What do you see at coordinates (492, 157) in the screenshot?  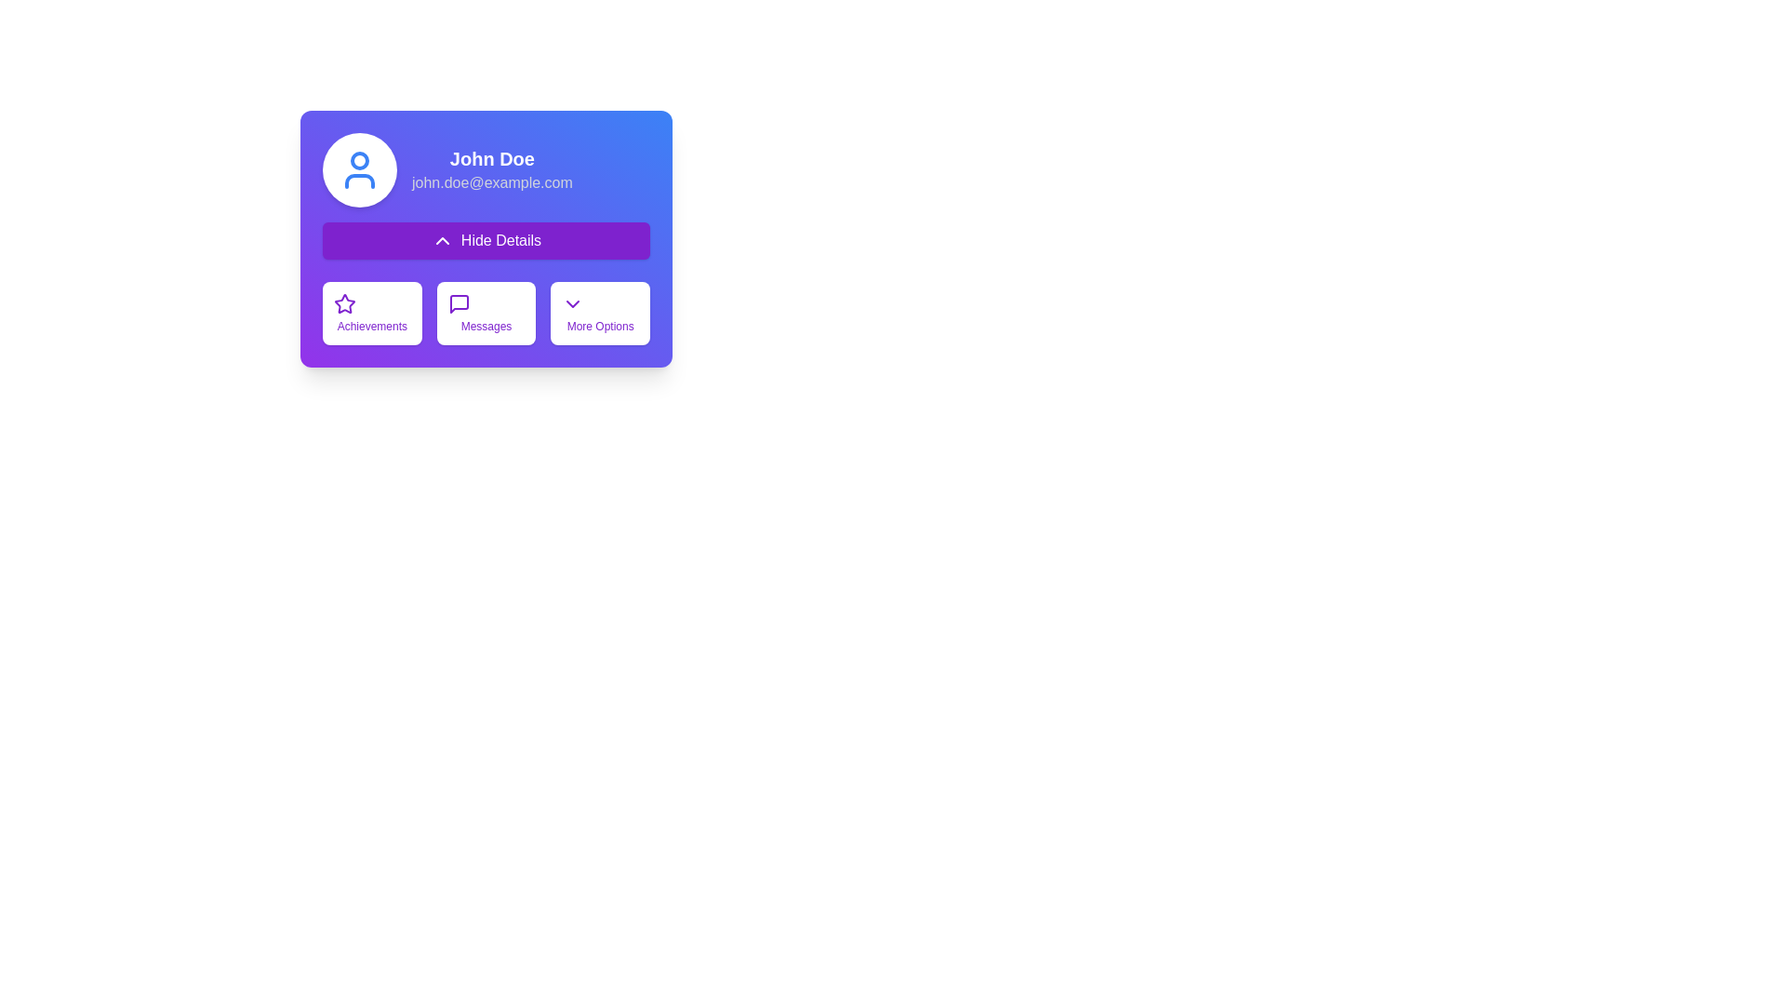 I see `the text label displaying the name 'John Doe', which is located at the top-left area of the user profile card` at bounding box center [492, 157].